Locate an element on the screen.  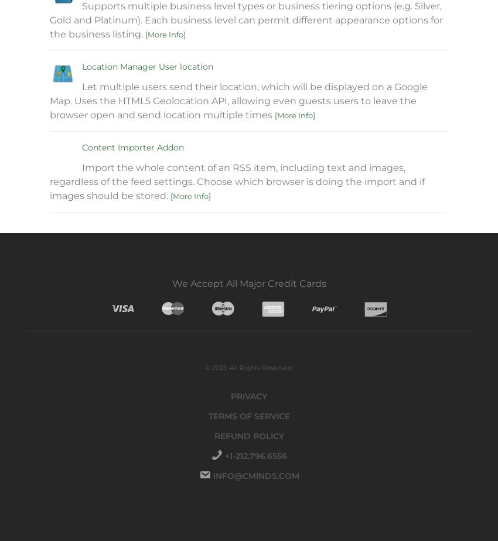
'Supports multiple business level types or business tiering options (e.g. Silver, Gold and Platinum). Each business level can permit different appearance options for the business listing.' is located at coordinates (246, 20).